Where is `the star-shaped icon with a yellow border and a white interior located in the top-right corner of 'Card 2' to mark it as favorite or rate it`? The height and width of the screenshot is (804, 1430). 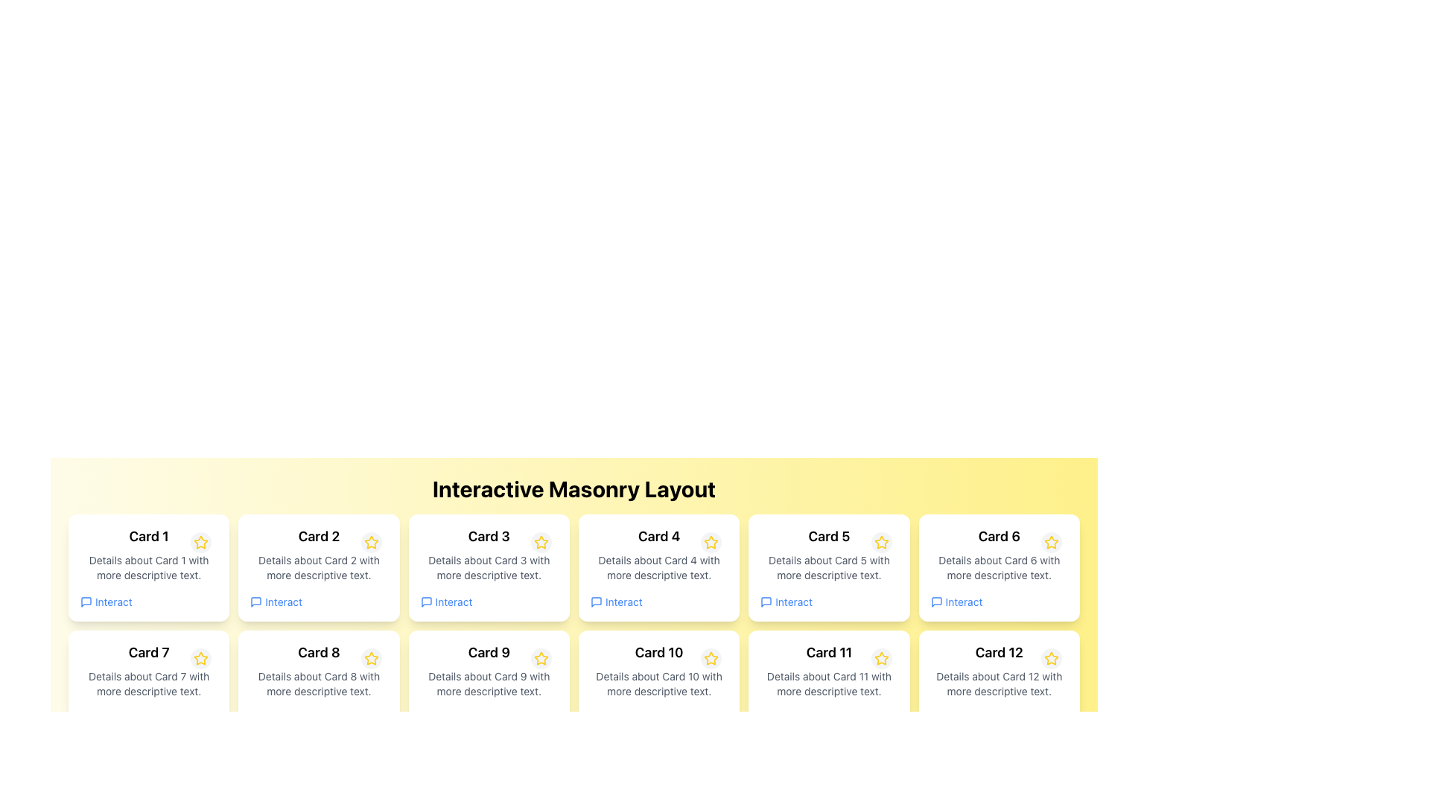
the star-shaped icon with a yellow border and a white interior located in the top-right corner of 'Card 2' to mark it as favorite or rate it is located at coordinates (371, 543).